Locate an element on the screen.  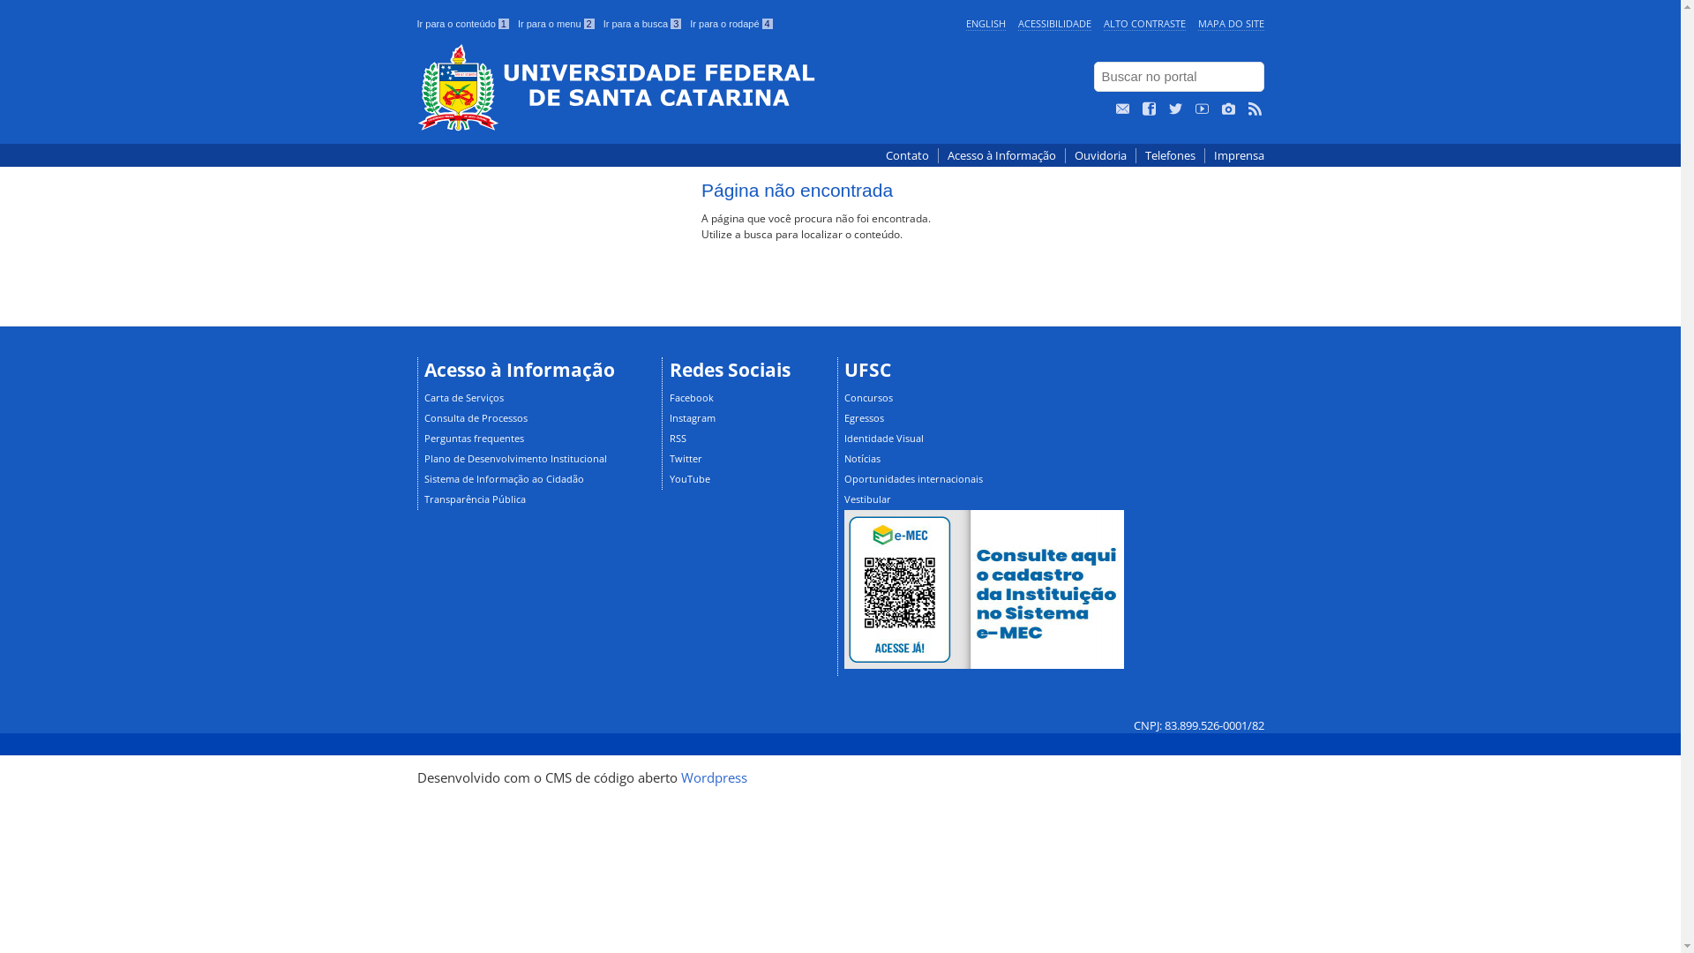
'MAPA DO SITE' is located at coordinates (1230, 23).